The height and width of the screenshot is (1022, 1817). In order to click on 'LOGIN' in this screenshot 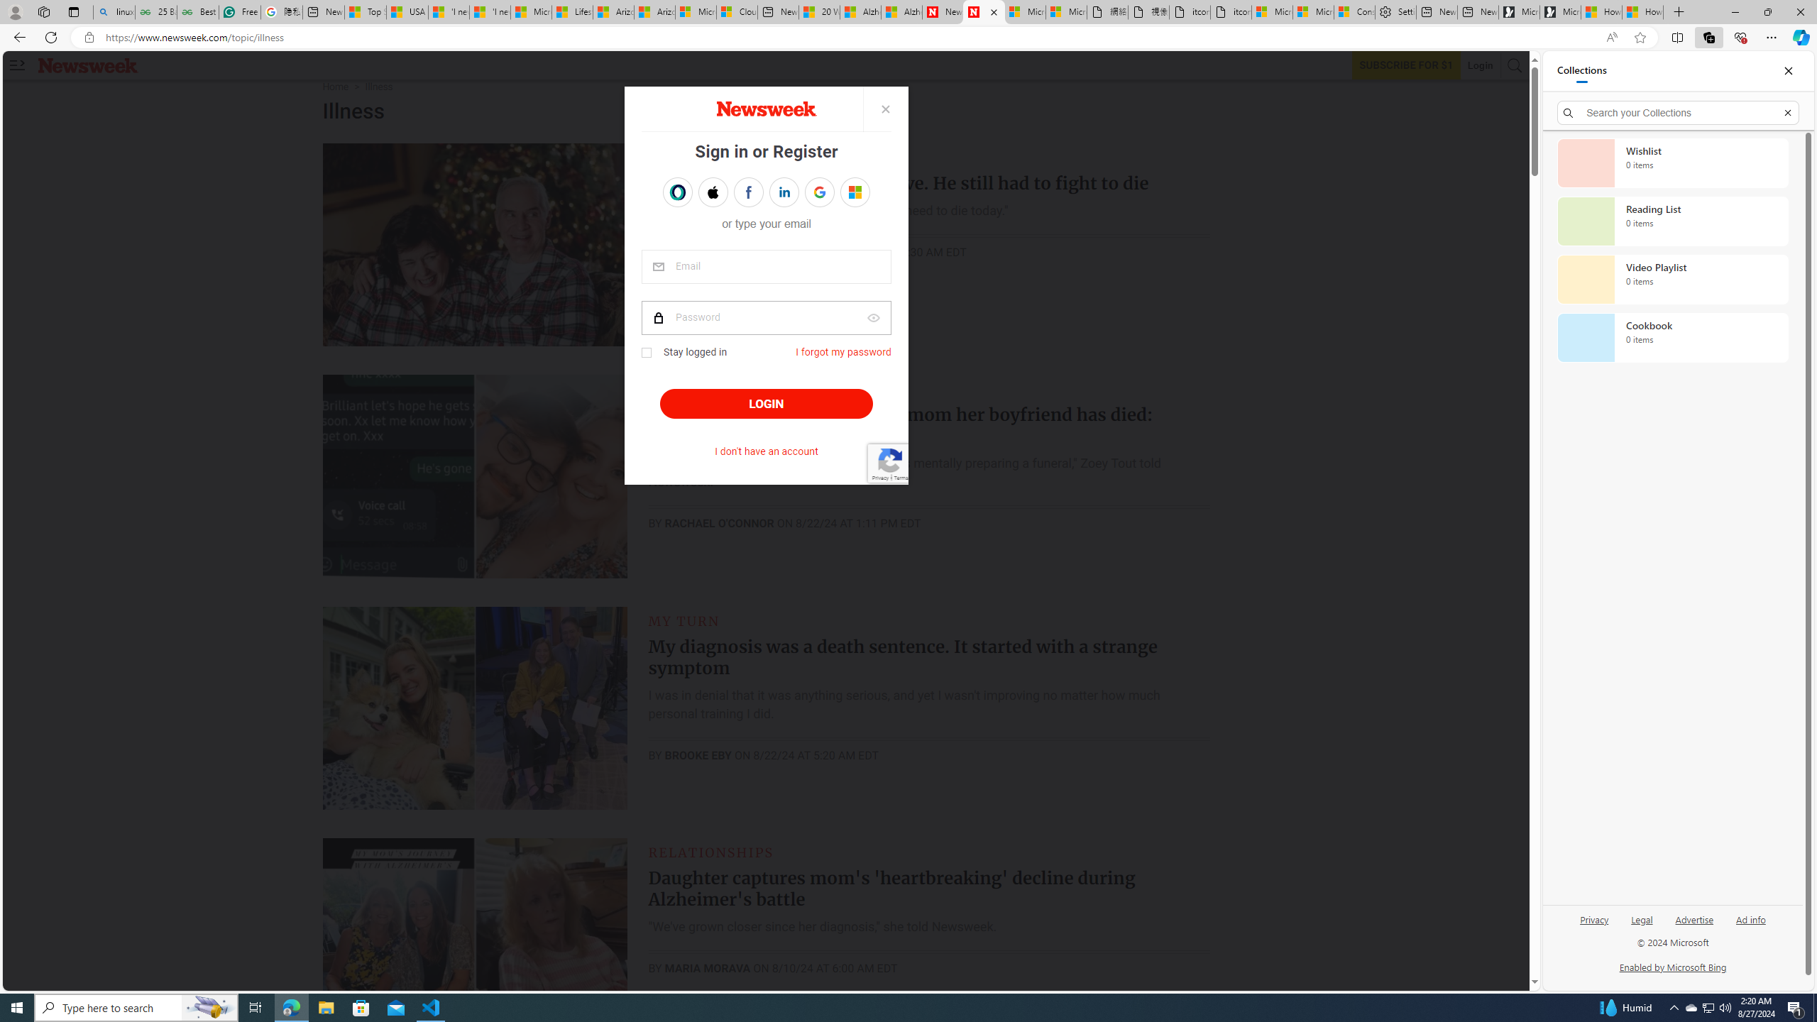, I will do `click(766, 403)`.